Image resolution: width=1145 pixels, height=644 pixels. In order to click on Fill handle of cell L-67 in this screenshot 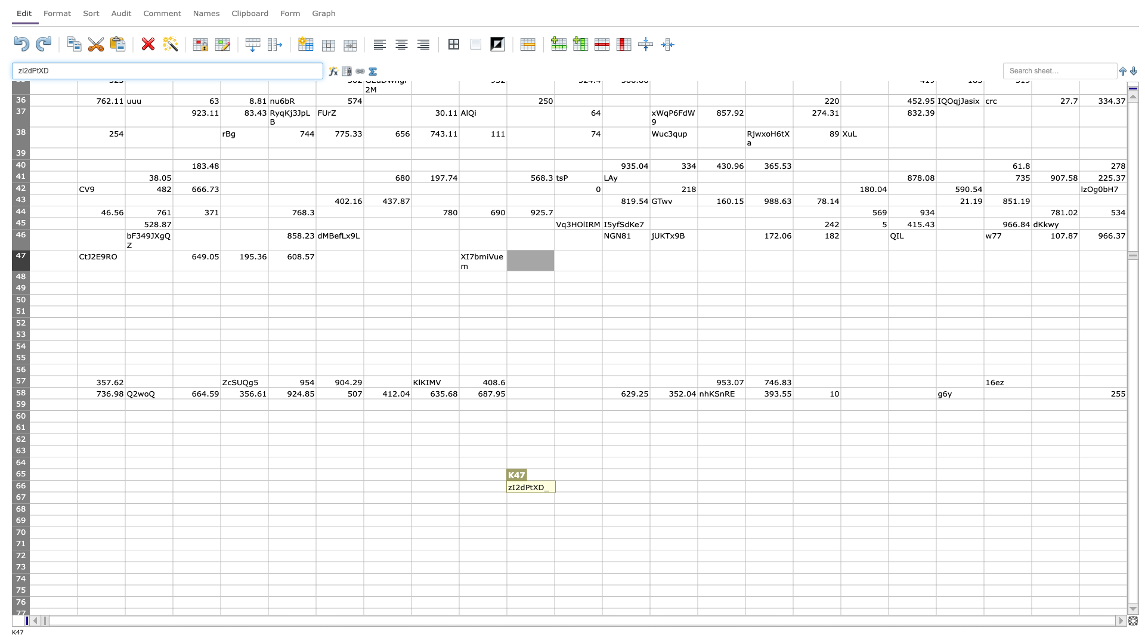, I will do `click(602, 503)`.